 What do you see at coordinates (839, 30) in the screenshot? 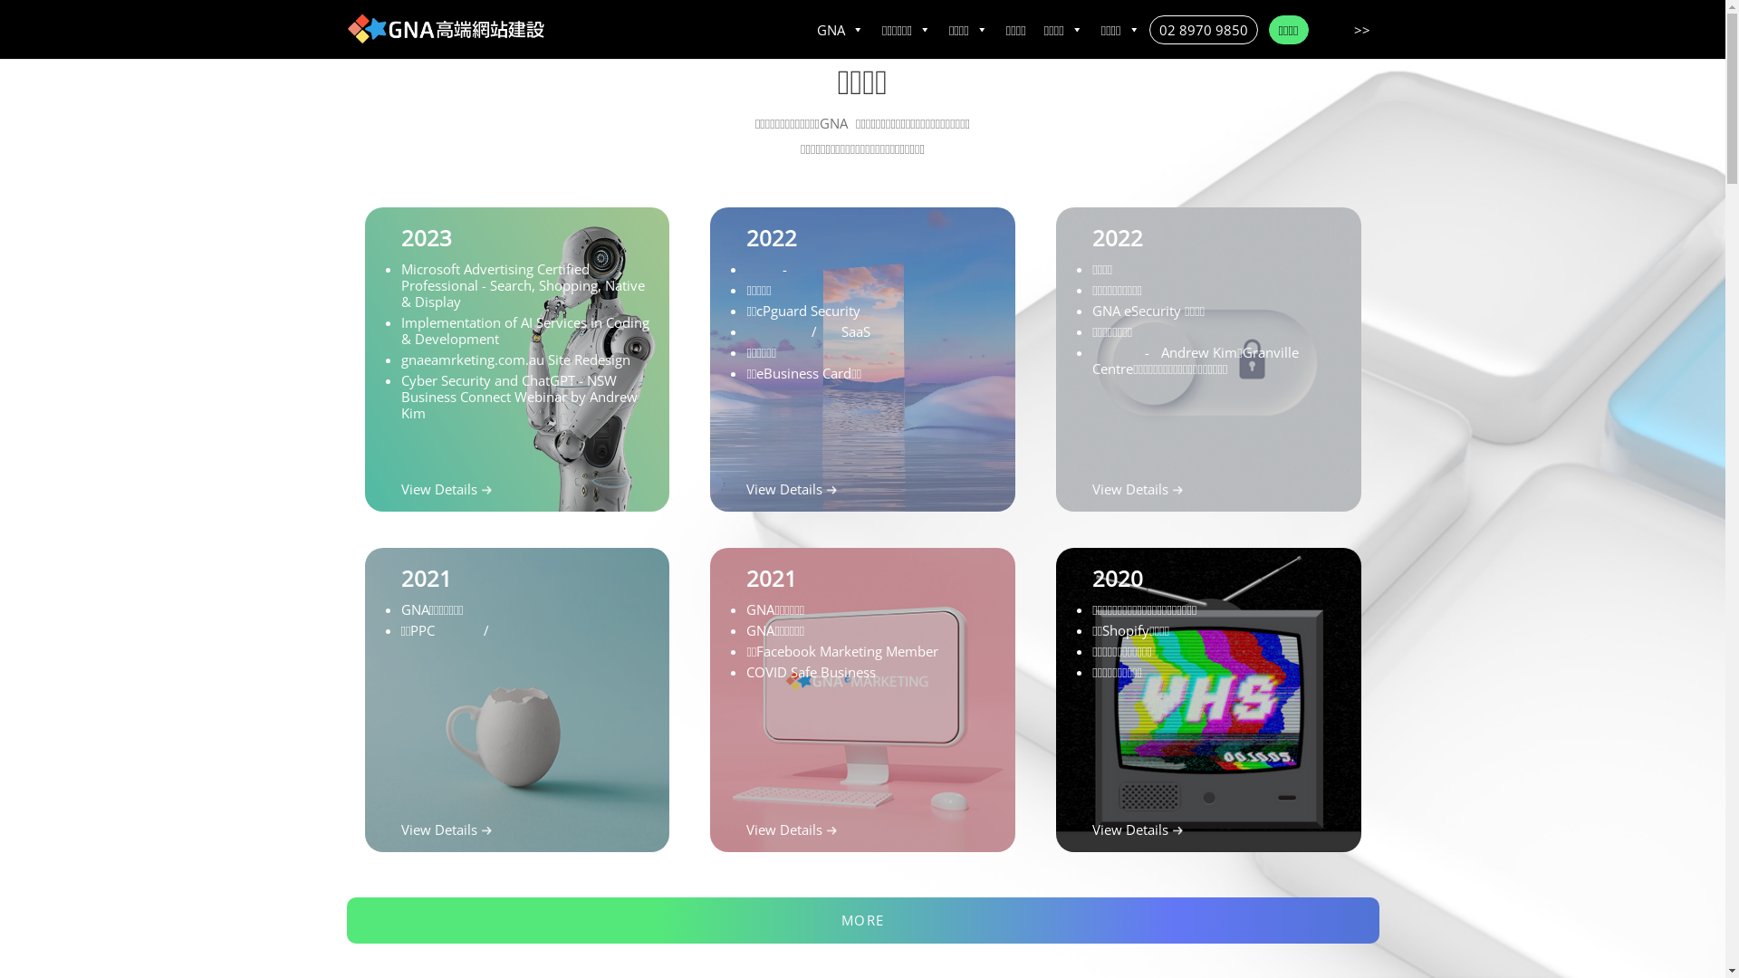
I see `'GNA'` at bounding box center [839, 30].